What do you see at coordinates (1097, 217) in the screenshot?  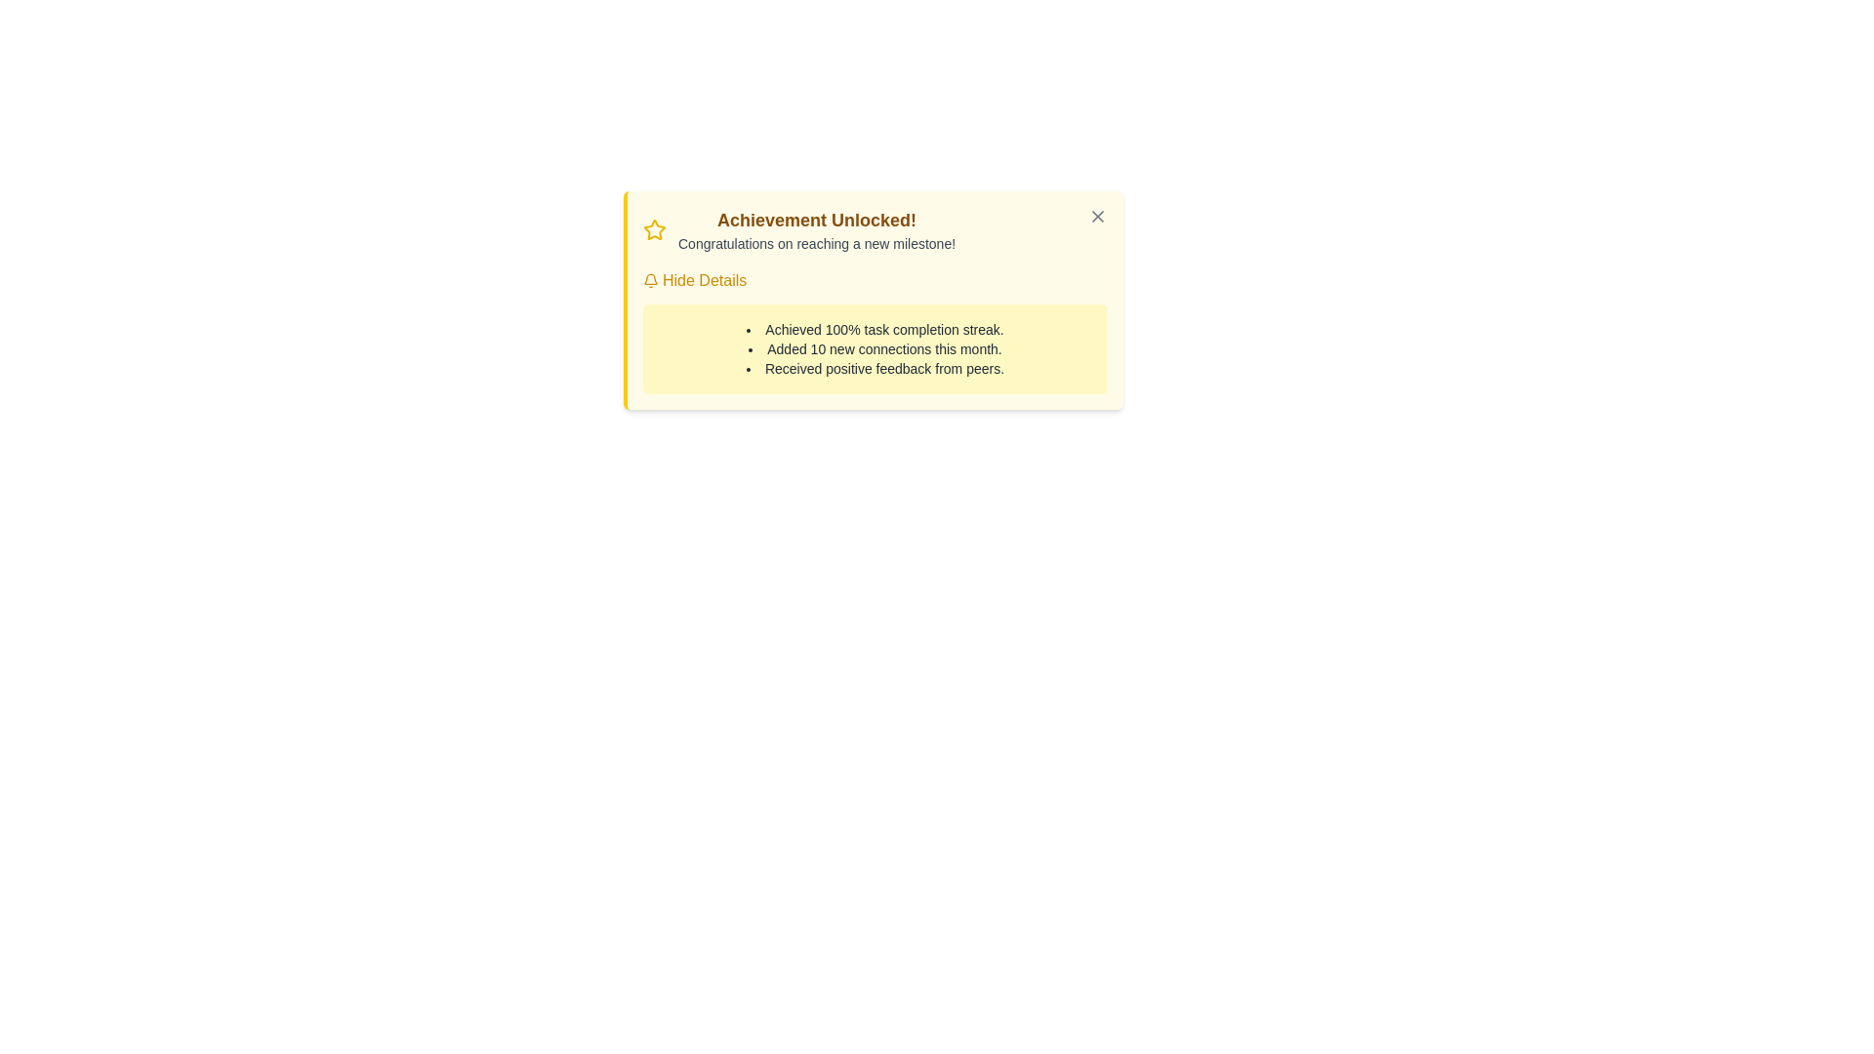 I see `the close button (X icon) located in the upper-right corner of the 'Achievement Unlocked!' notification card` at bounding box center [1097, 217].